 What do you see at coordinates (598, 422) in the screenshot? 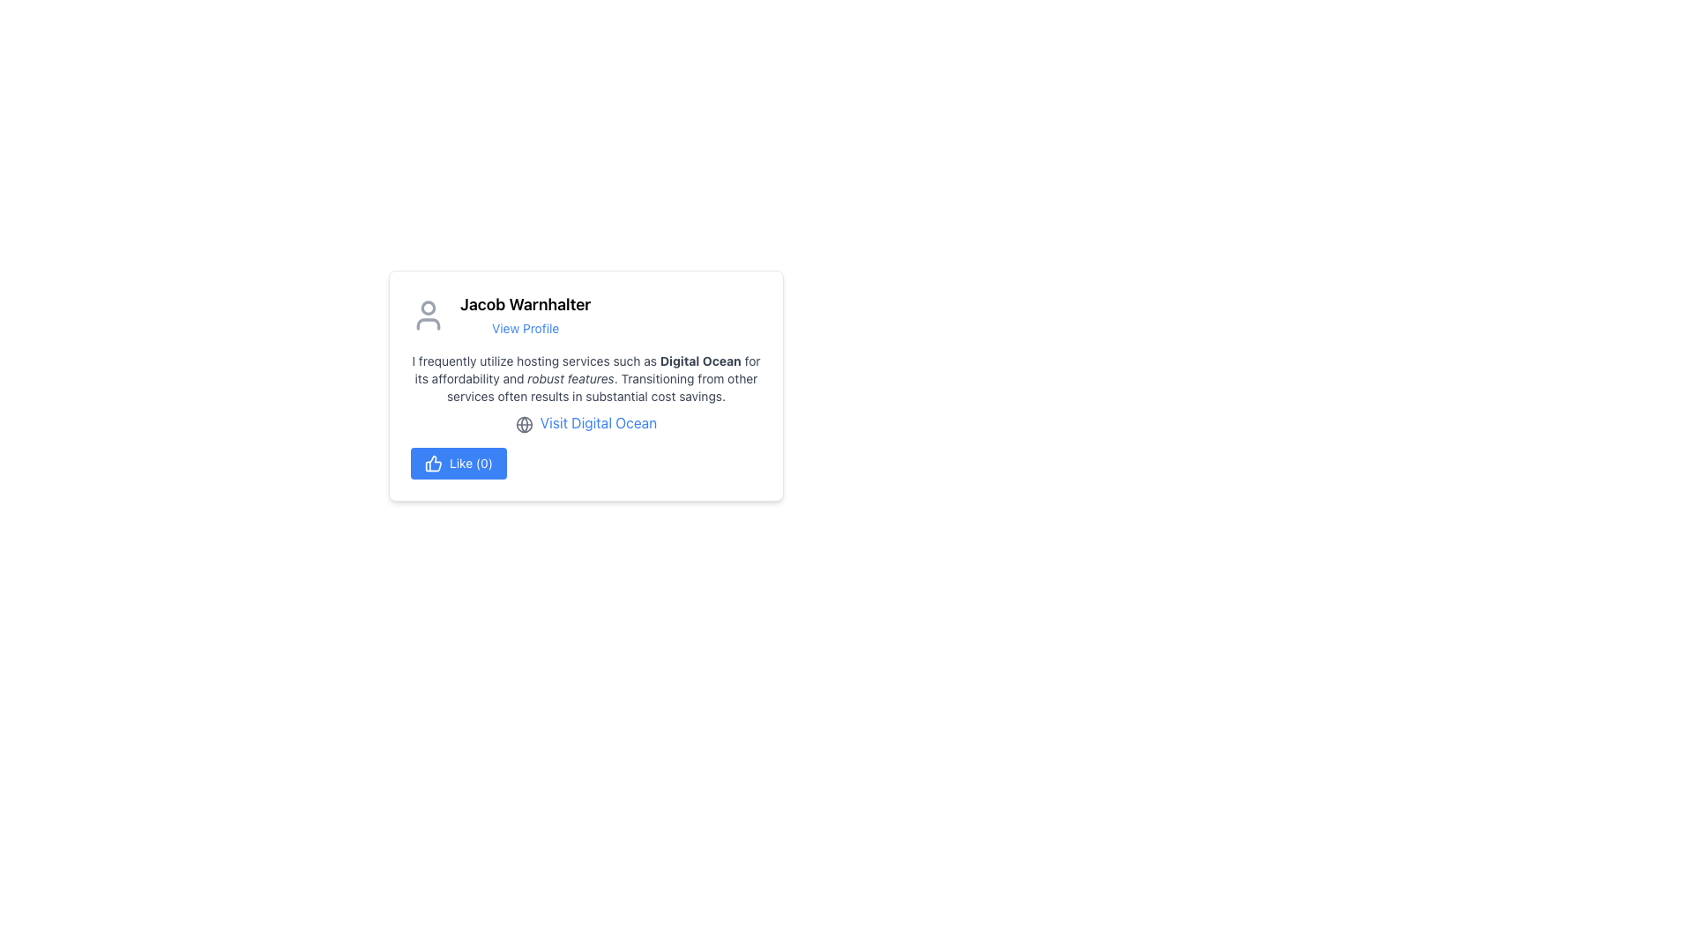
I see `the hyperlink located at the bottom of the text area, immediately to the right of the globe icon` at bounding box center [598, 422].